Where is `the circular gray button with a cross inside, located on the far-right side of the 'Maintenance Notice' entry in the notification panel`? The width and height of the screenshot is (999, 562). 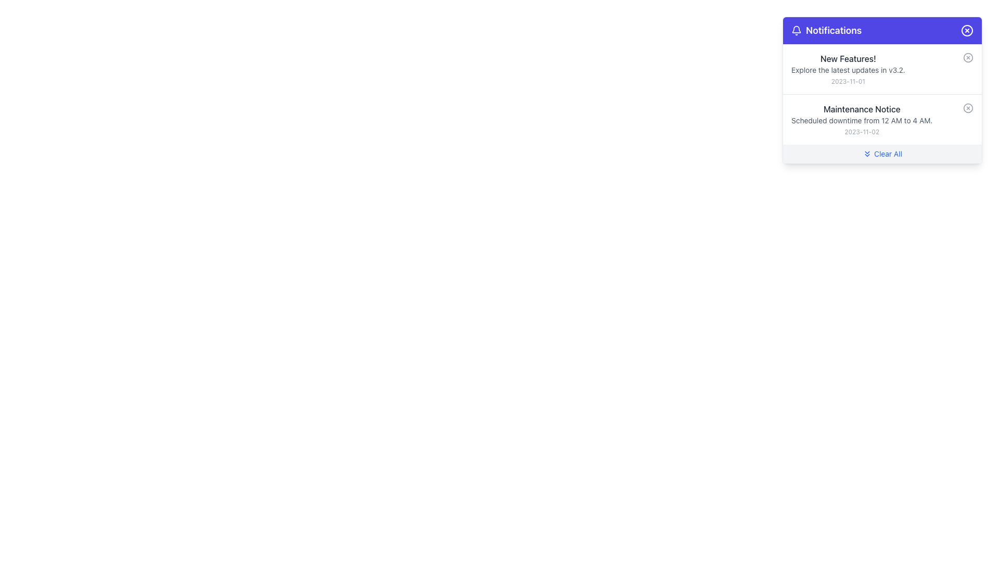 the circular gray button with a cross inside, located on the far-right side of the 'Maintenance Notice' entry in the notification panel is located at coordinates (968, 108).